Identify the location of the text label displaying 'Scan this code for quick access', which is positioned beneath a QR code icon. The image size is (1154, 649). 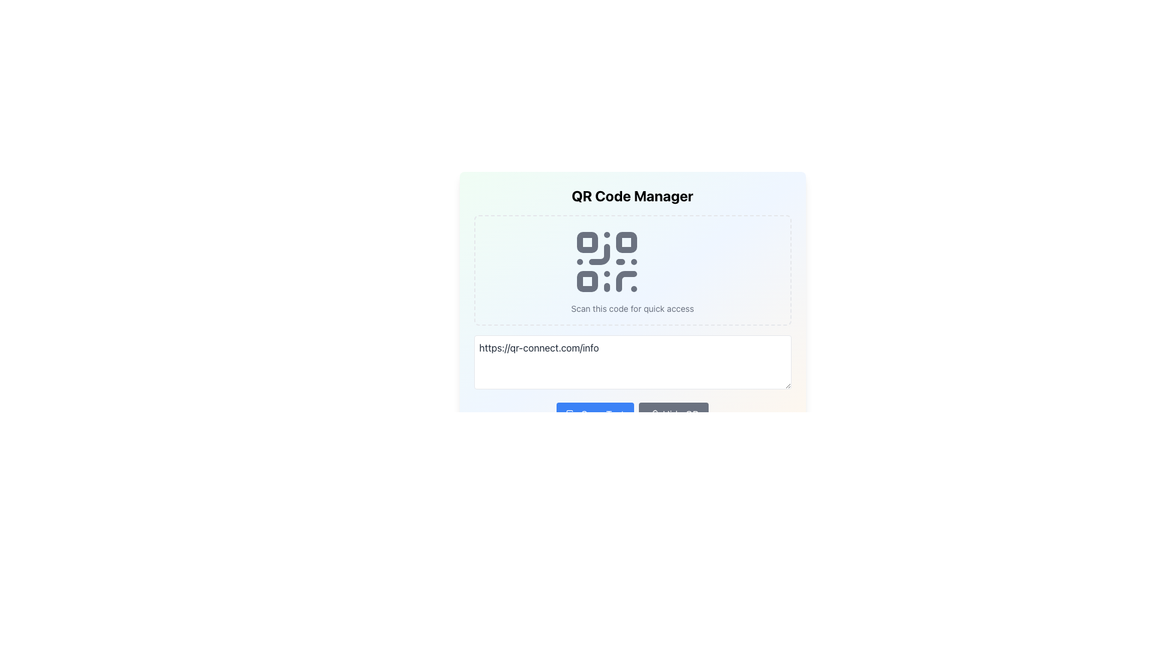
(632, 308).